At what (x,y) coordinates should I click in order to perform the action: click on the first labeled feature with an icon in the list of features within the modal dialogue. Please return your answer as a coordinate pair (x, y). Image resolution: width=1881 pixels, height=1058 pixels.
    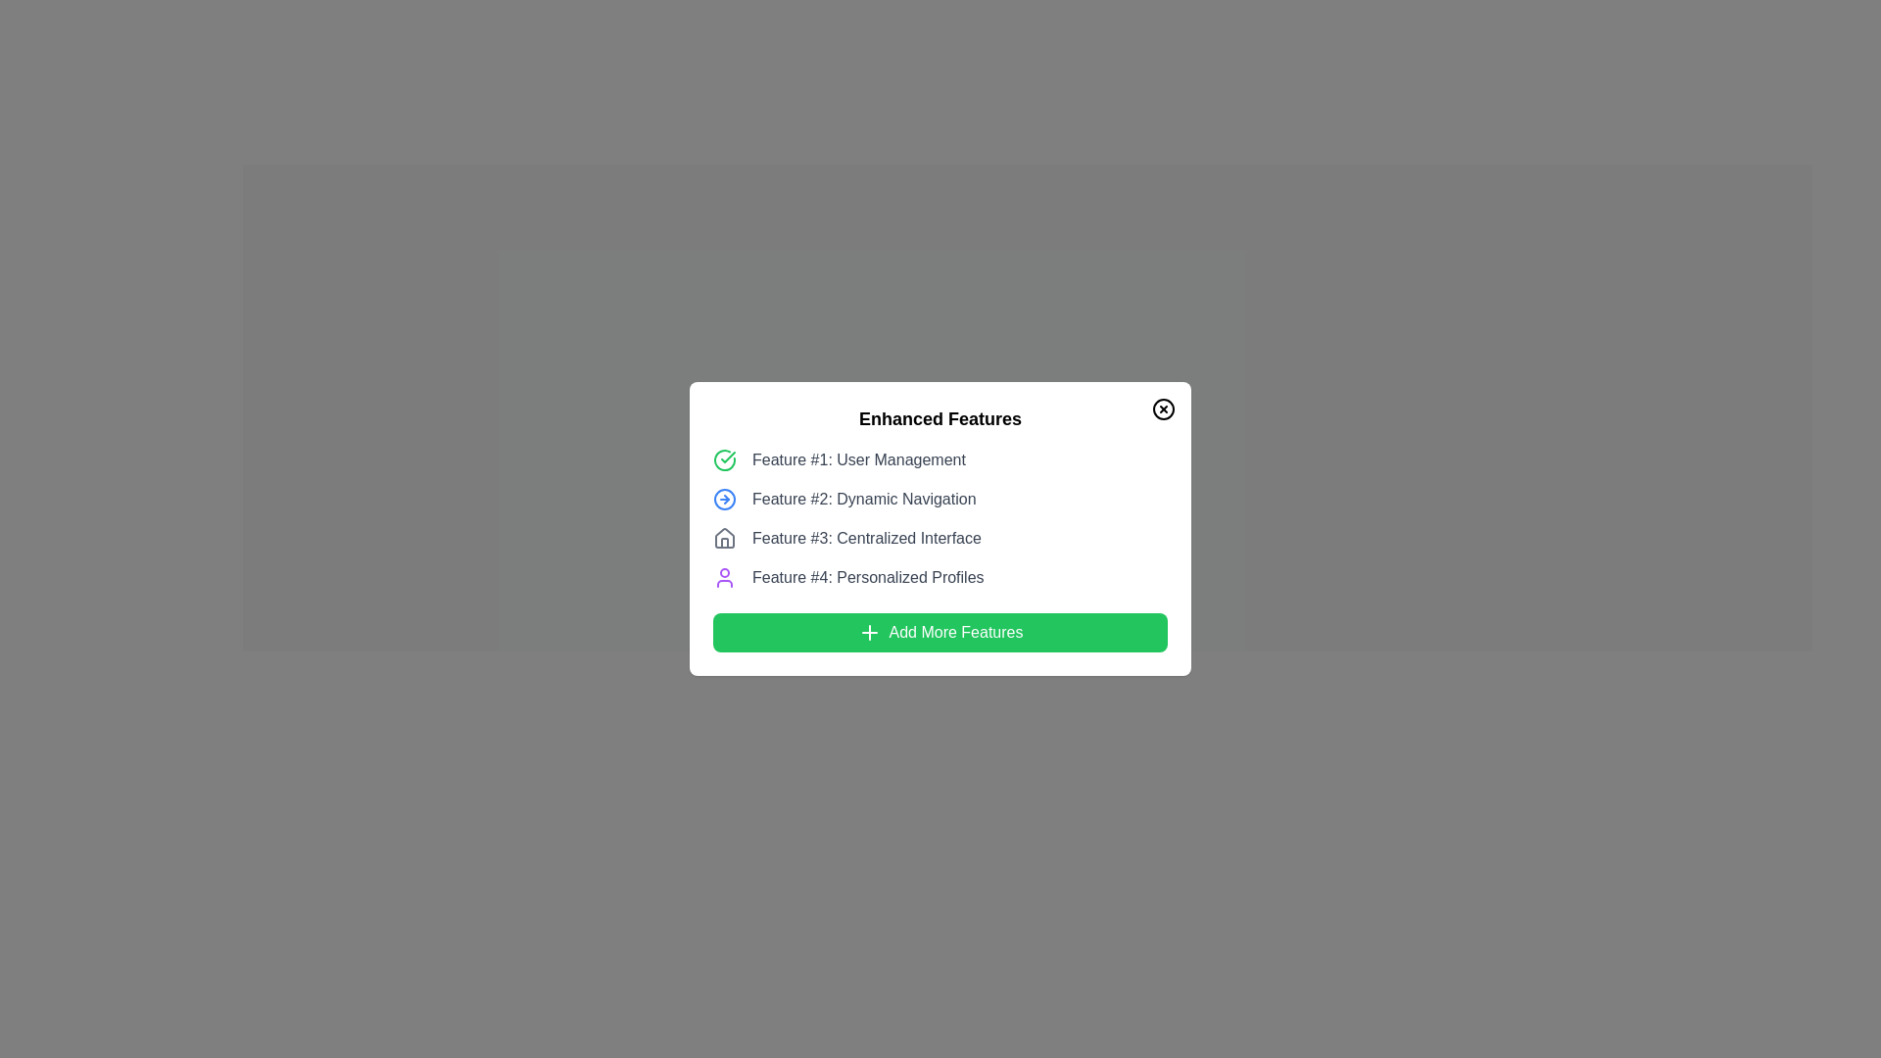
    Looking at the image, I should click on (940, 460).